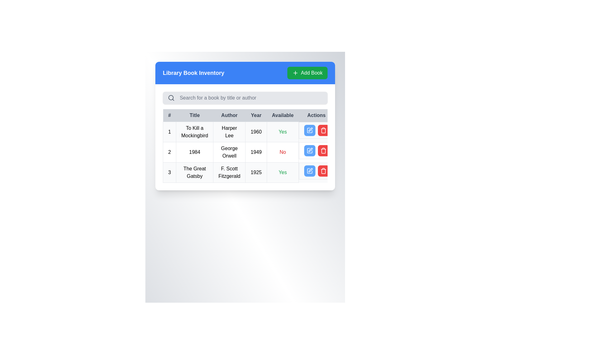 This screenshot has width=599, height=337. Describe the element at coordinates (323, 130) in the screenshot. I see `the trash bin icon located on the right side of the action icons in the Actions column` at that location.